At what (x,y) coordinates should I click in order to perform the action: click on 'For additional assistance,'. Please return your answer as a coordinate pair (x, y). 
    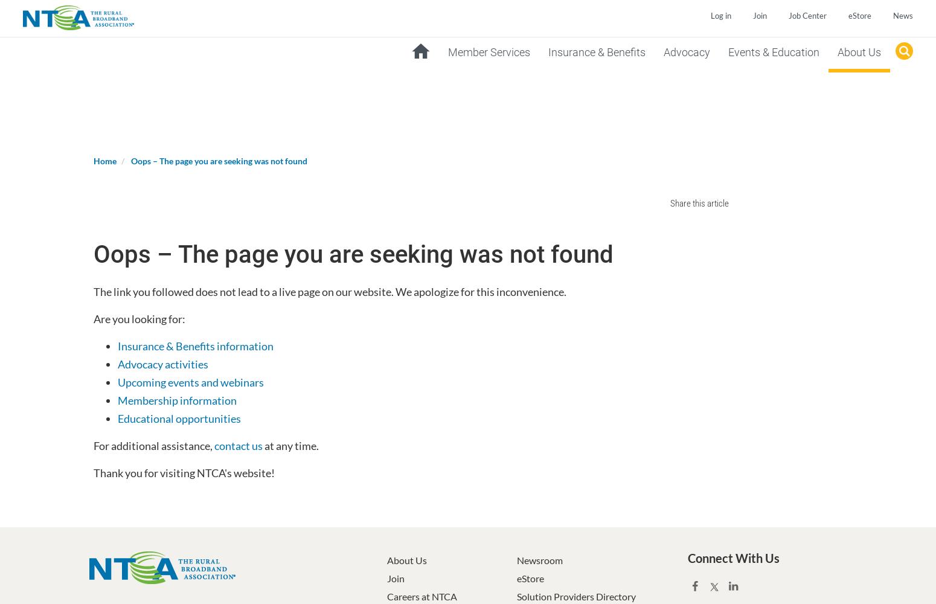
    Looking at the image, I should click on (153, 445).